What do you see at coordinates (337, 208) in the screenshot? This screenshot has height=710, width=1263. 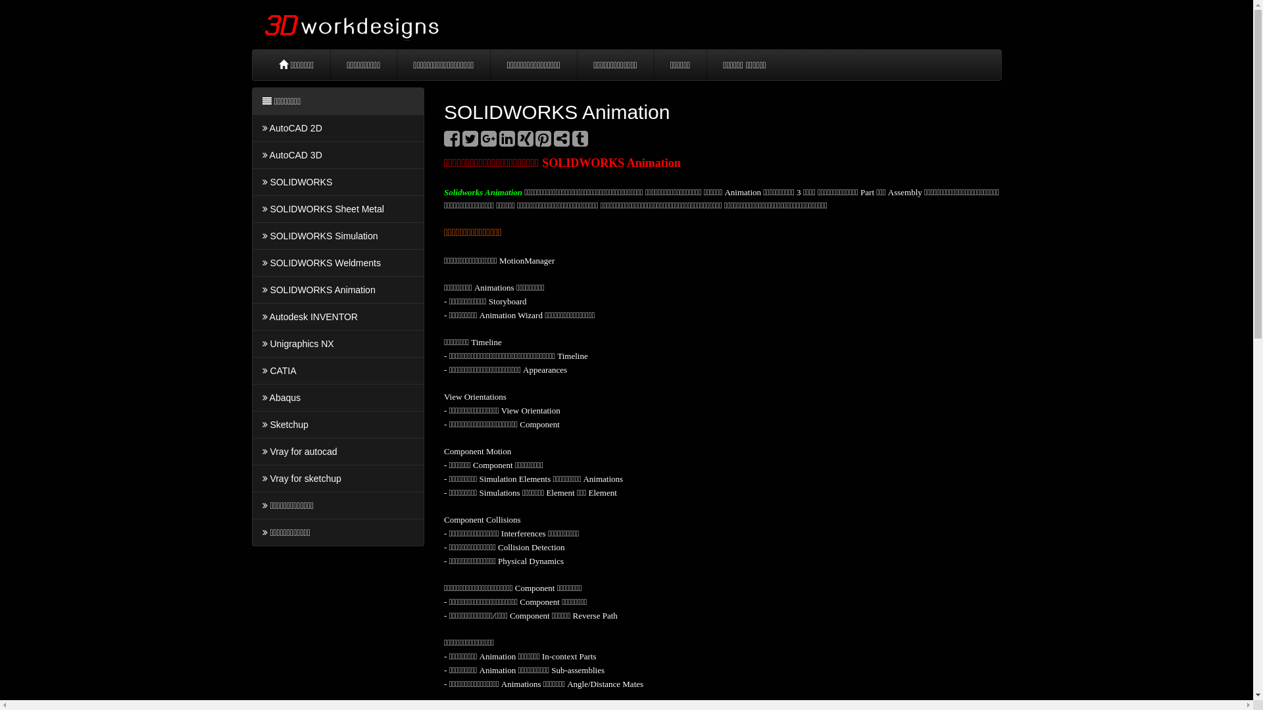 I see `'SOLIDWORKS Sheet Metal'` at bounding box center [337, 208].